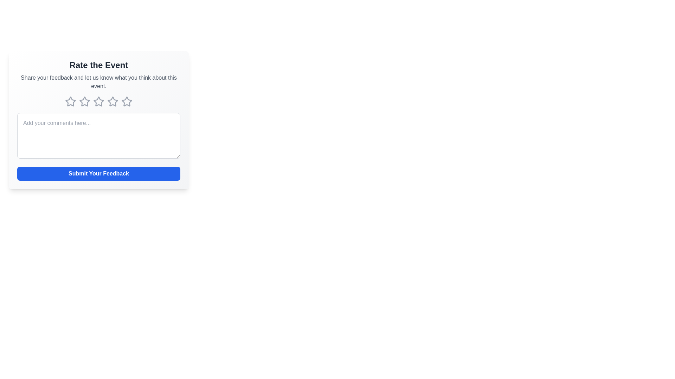  What do you see at coordinates (113, 101) in the screenshot?
I see `the third star icon in the 'Rate the Event' feedback section` at bounding box center [113, 101].